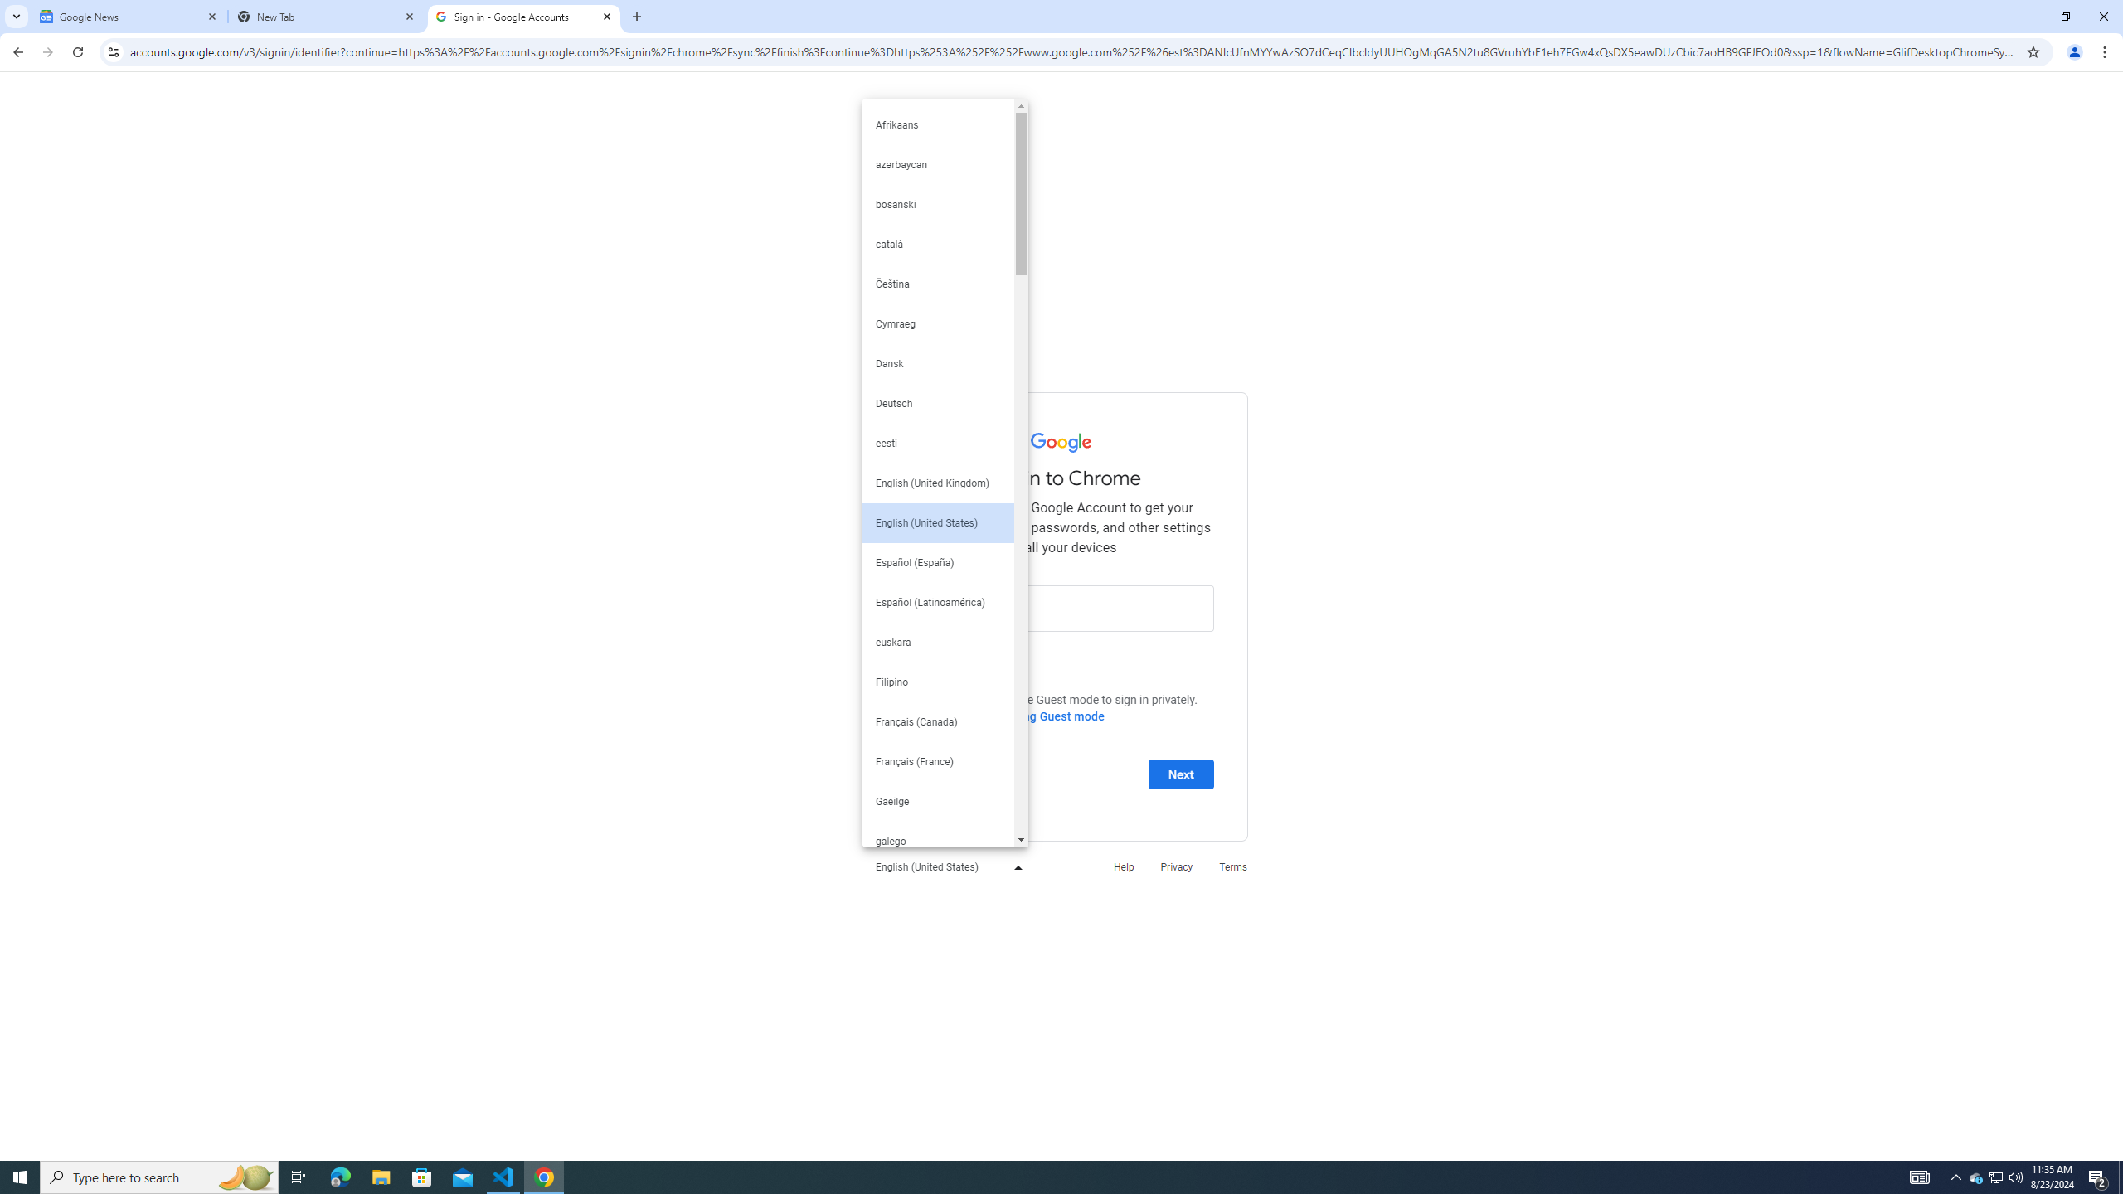 Image resolution: width=2123 pixels, height=1194 pixels. What do you see at coordinates (937, 363) in the screenshot?
I see `'Dansk'` at bounding box center [937, 363].